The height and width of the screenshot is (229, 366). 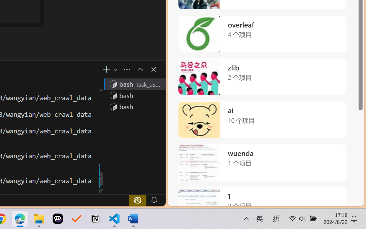 I want to click on 'Launch Profile...', so click(x=114, y=69).